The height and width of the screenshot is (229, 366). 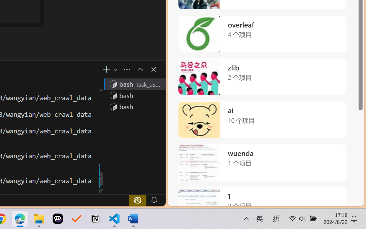 I want to click on 'Launch Profile...', so click(x=114, y=69).